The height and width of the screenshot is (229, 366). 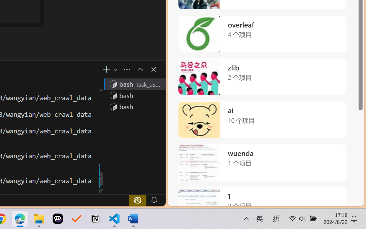 I want to click on 'Launch Profile...', so click(x=114, y=69).